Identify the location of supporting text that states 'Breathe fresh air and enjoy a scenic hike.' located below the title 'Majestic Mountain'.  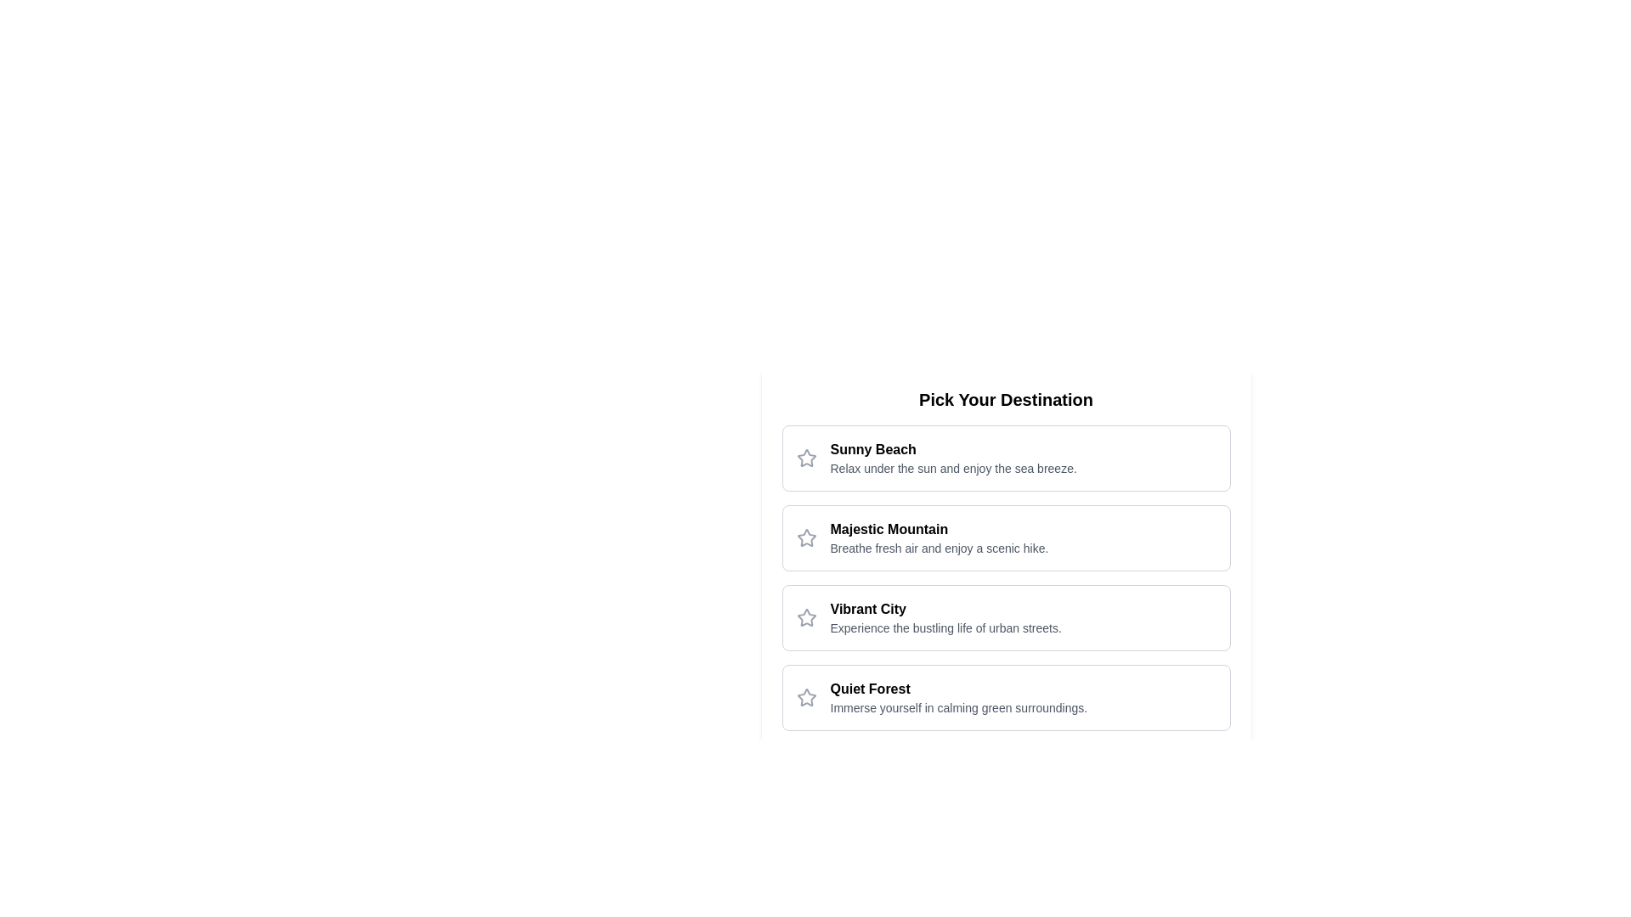
(938, 548).